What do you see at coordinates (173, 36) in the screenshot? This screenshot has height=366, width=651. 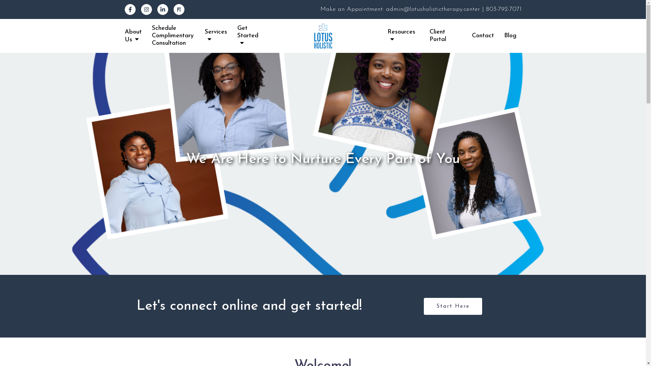 I see `'Schedule Complimentary Consultation'` at bounding box center [173, 36].